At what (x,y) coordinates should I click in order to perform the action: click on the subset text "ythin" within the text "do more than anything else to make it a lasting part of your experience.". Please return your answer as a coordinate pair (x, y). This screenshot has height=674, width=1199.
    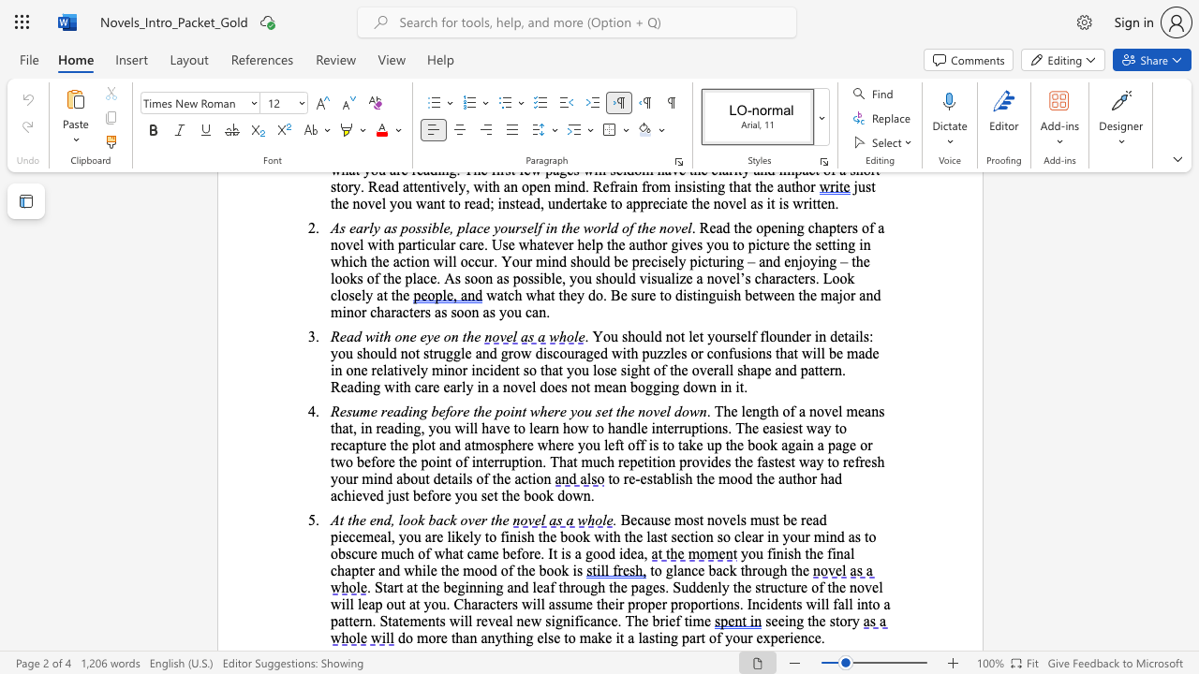
    Looking at the image, I should click on (495, 637).